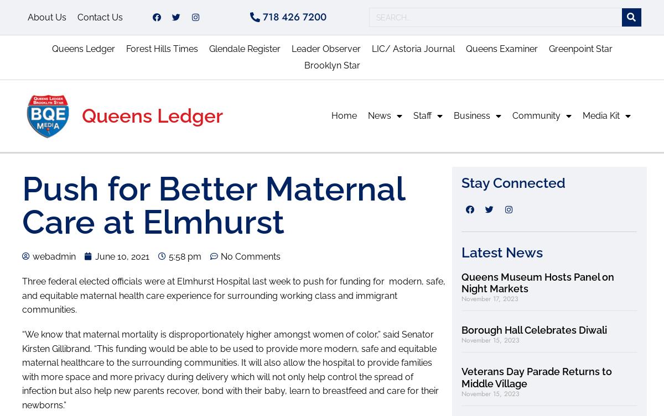  Describe the element at coordinates (230, 369) in the screenshot. I see `'“We know that maternal mortality is disproportionately higher amongst women of color,” said Senator Kirsten Gillibrand. “This funding would be able to be used to provide more modern, safe and equitable maternal healthcare to the surrounding communities. It will also allow the hospital to provide families with more space and more privacy during delivery which will not only help control the spread of infection but also help new parents recover, bond with their baby, learn to breastfeed and care for their newborns.”'` at that location.